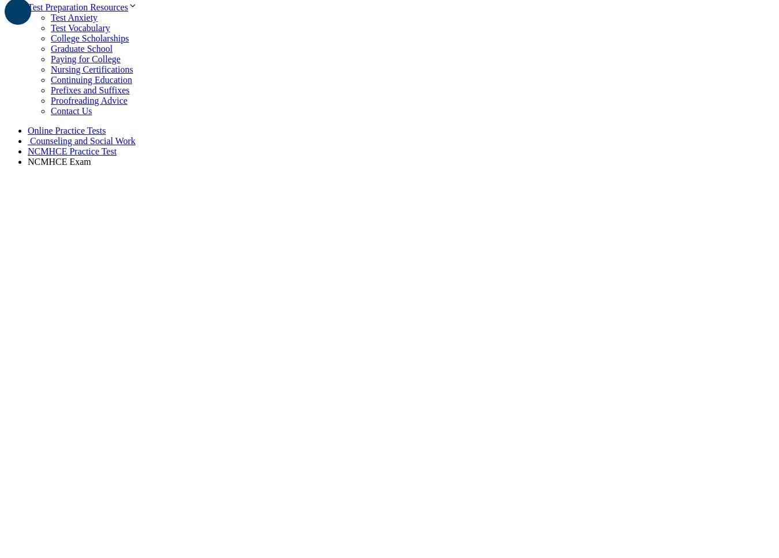  Describe the element at coordinates (58, 161) in the screenshot. I see `'NCMHCE Exam'` at that location.